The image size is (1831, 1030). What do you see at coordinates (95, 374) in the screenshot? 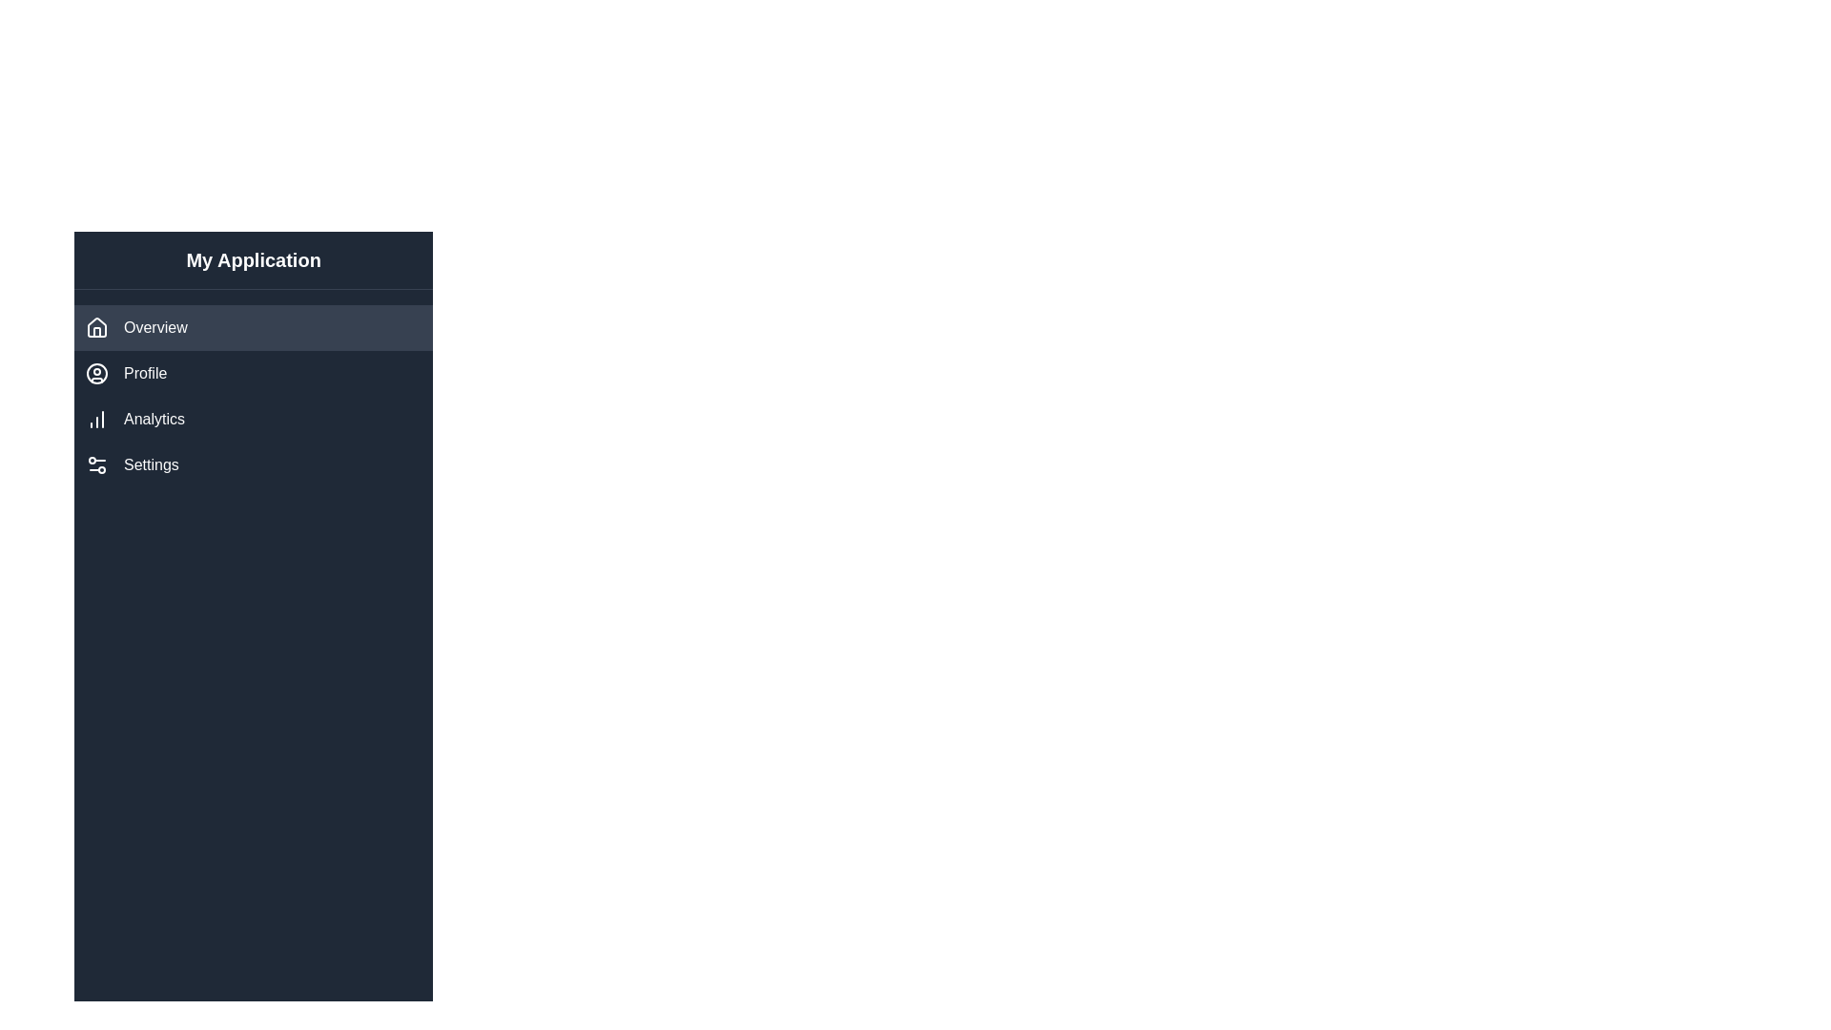
I see `the user profile icon located in the 'Profile' entry of the navigation menu` at bounding box center [95, 374].